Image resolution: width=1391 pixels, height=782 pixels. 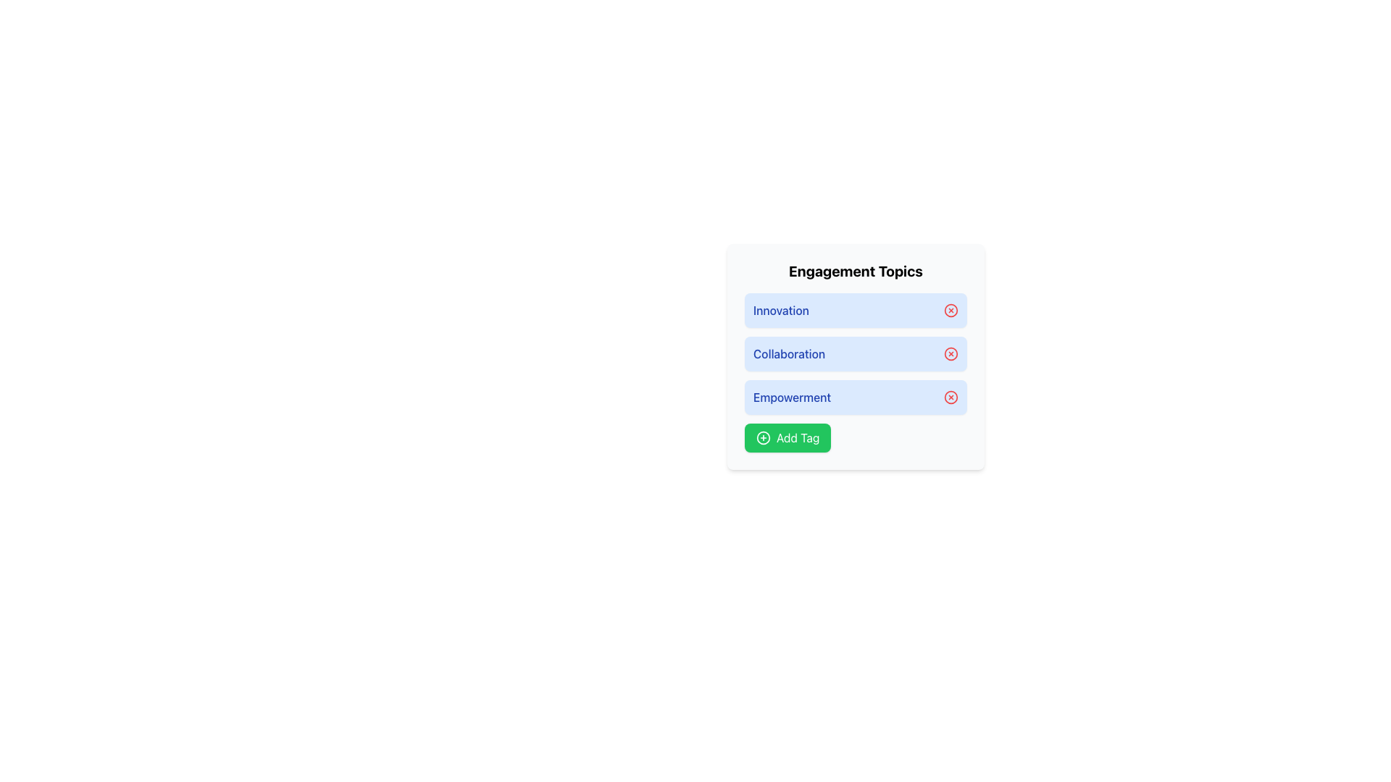 I want to click on the decorative circular element of the close icon positioned to the right of the 'Collaboration' text in the second row of the 'Engagement Topics' list, so click(x=951, y=354).